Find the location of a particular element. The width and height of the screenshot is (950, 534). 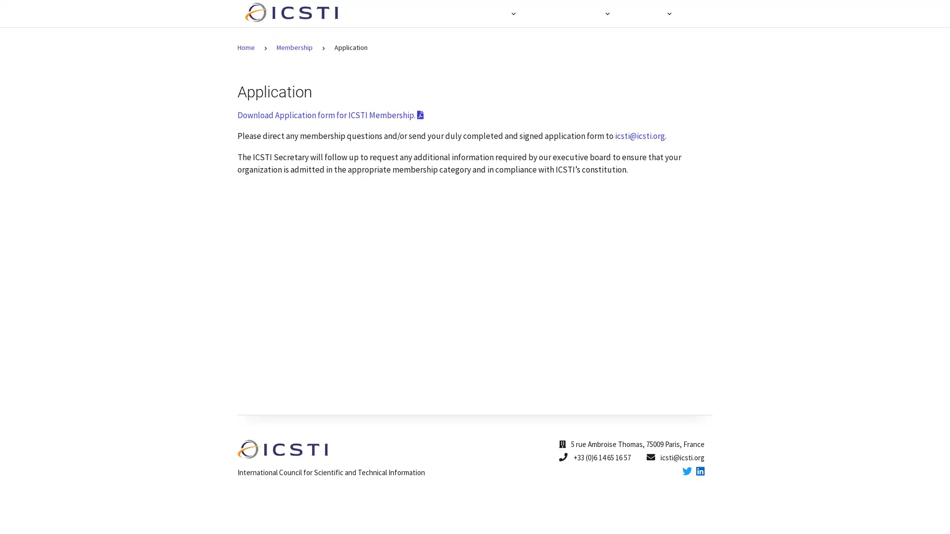

About ICSTI is located at coordinates (485, 13).